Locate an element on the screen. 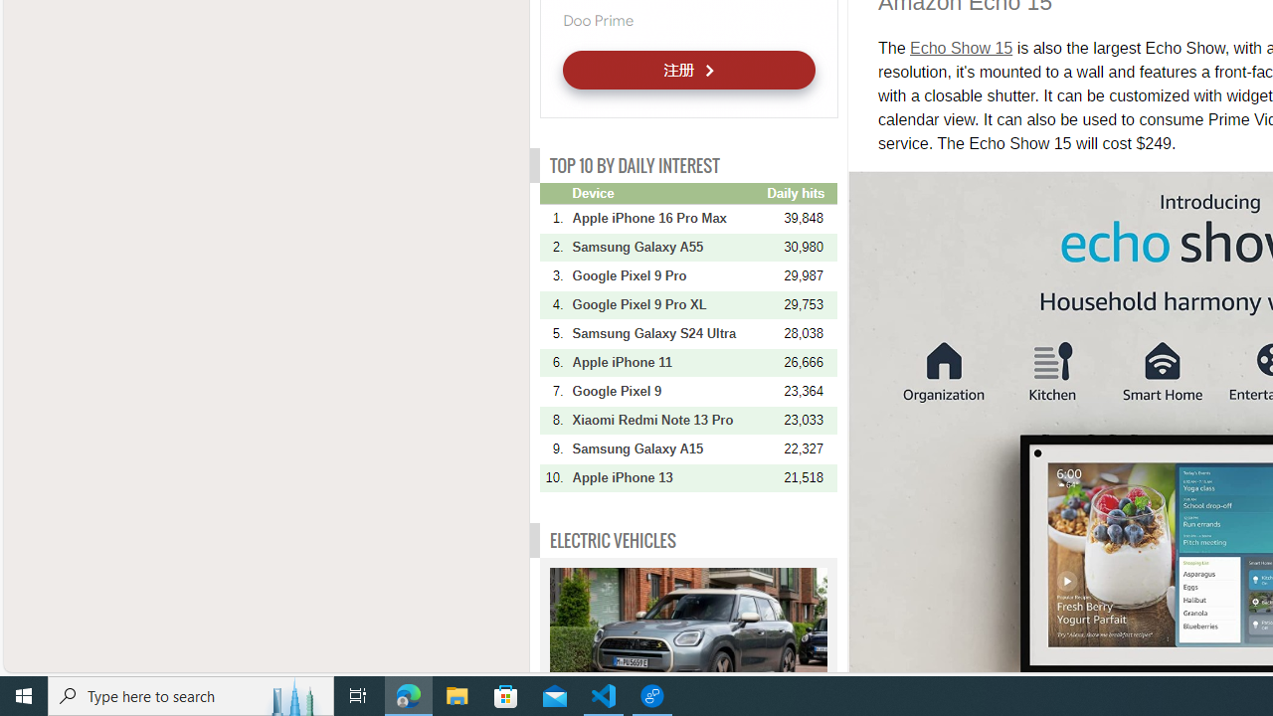 This screenshot has width=1273, height=716. 'Samsung Galaxy S24 Ultra' is located at coordinates (667, 332).